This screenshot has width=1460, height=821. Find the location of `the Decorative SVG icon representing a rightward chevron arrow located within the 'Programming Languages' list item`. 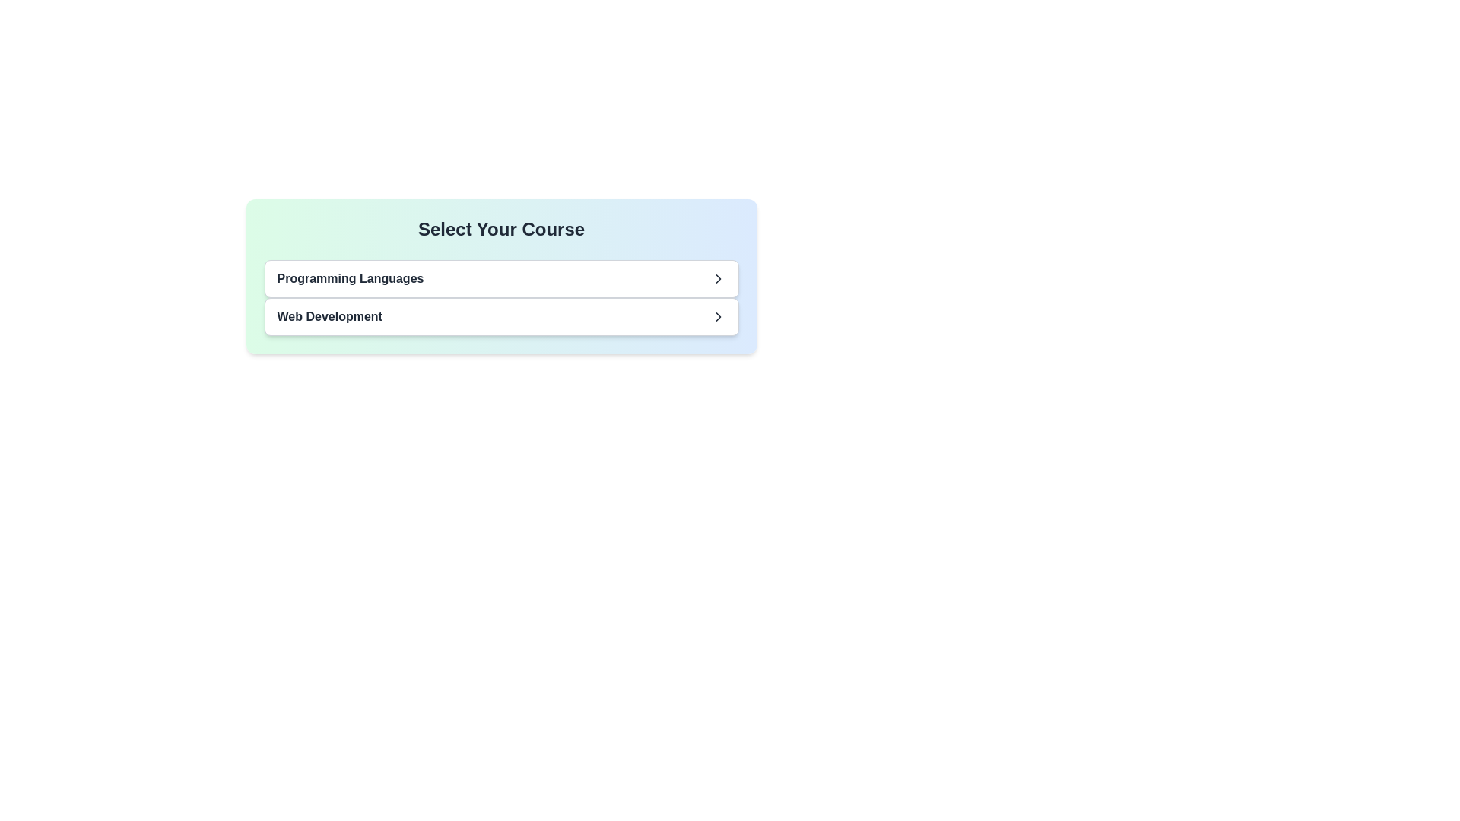

the Decorative SVG icon representing a rightward chevron arrow located within the 'Programming Languages' list item is located at coordinates (717, 278).